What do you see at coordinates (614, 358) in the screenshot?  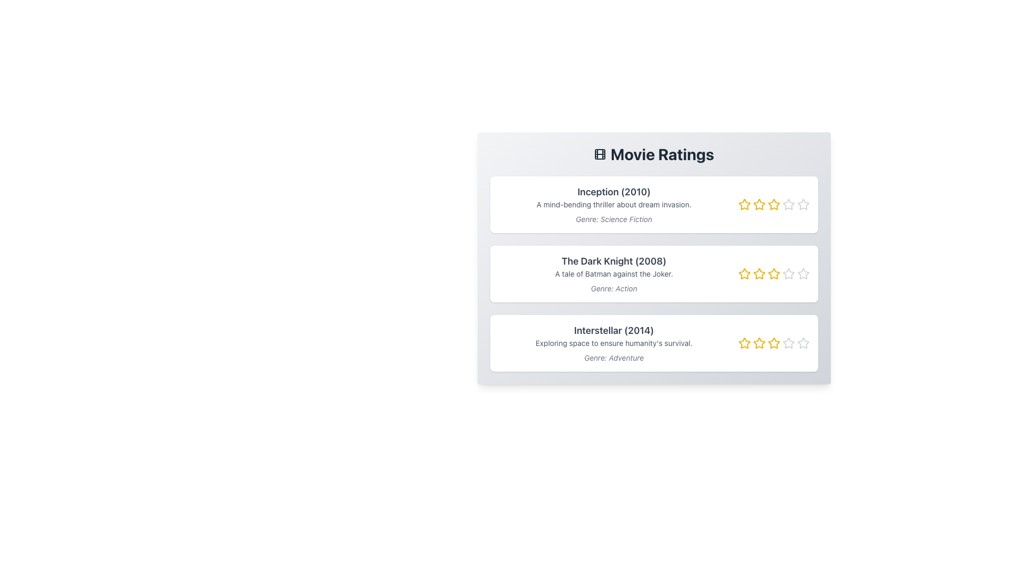 I see `the text label displaying 'Genre: Adventure', which is styled in small italicized gray font, located at the bottom of the information block for 'Interstellar (2014)'` at bounding box center [614, 358].